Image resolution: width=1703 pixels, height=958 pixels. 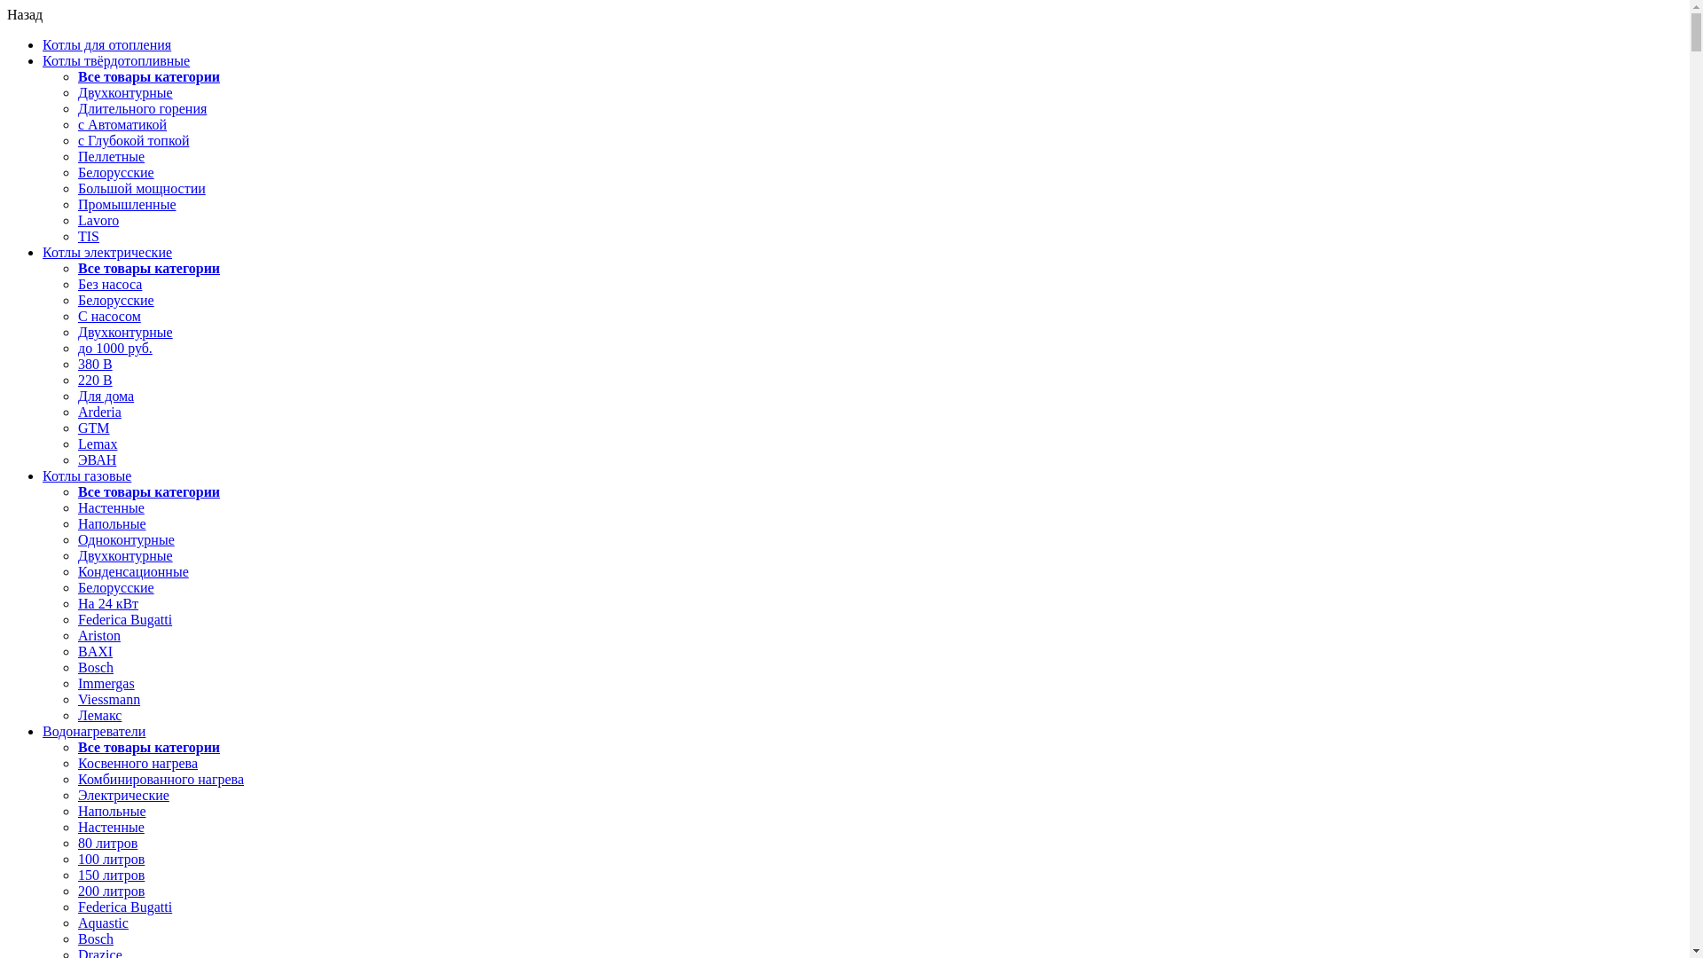 What do you see at coordinates (92, 428) in the screenshot?
I see `'GTM'` at bounding box center [92, 428].